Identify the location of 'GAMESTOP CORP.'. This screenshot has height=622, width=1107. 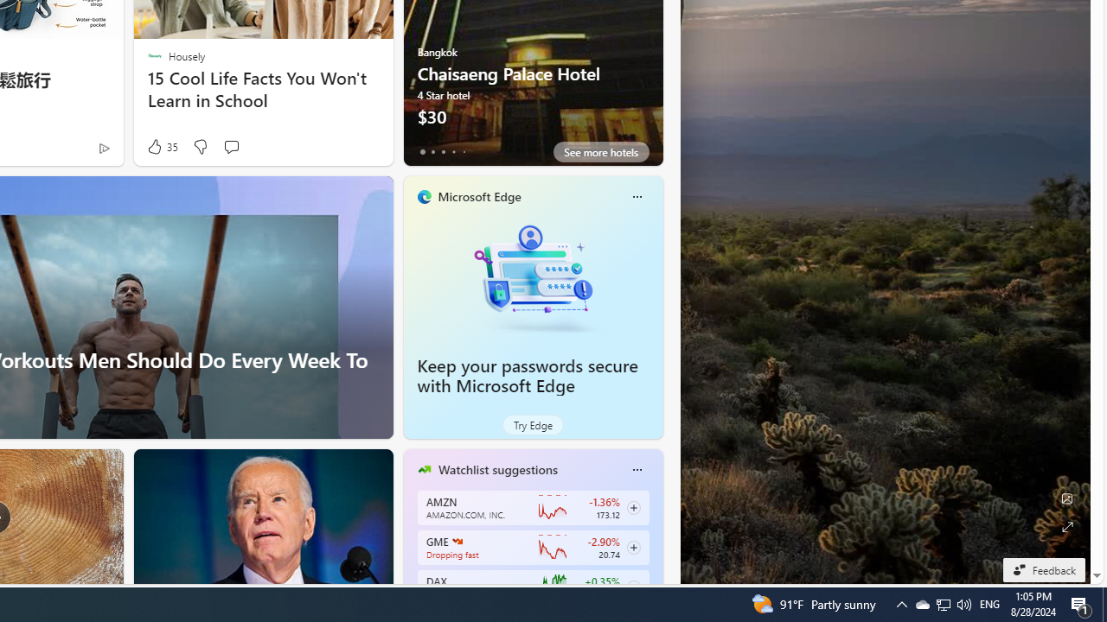
(457, 540).